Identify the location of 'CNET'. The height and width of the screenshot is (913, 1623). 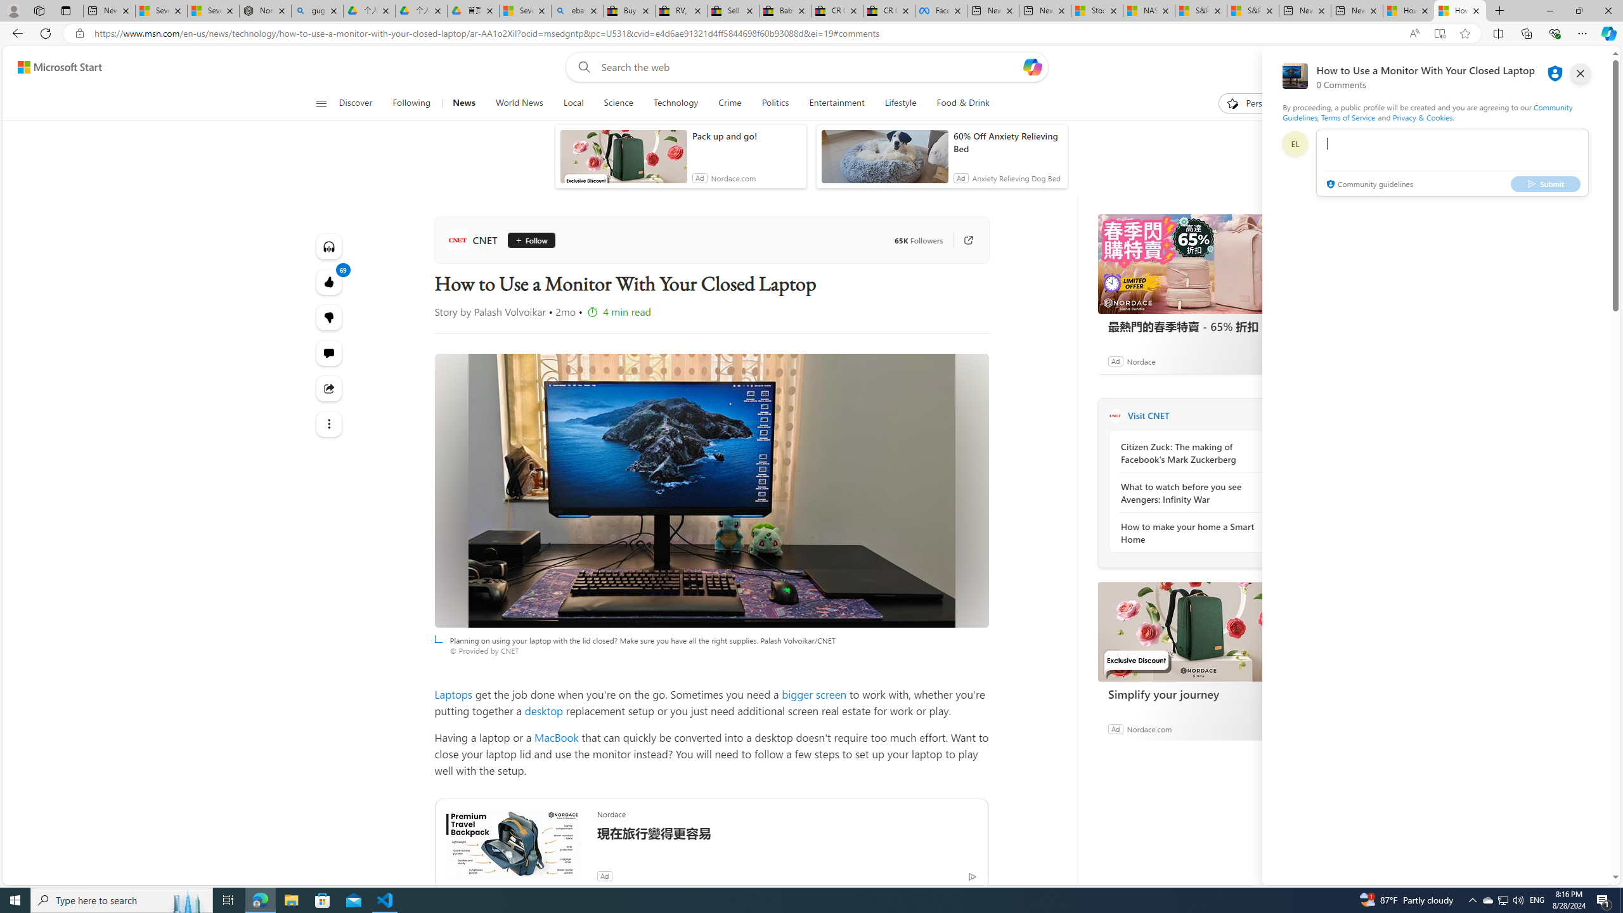
(474, 240).